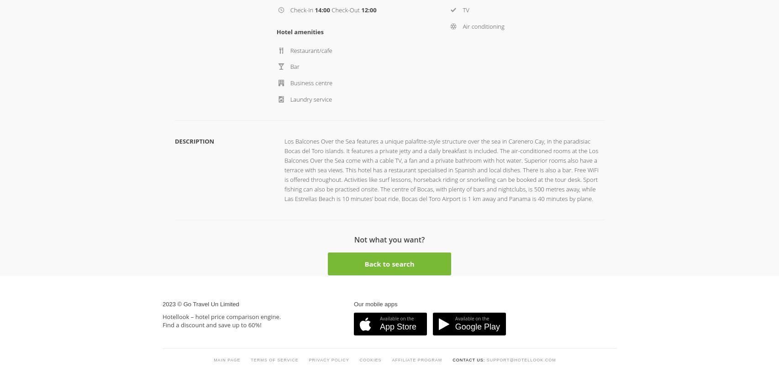  What do you see at coordinates (417, 173) in the screenshot?
I see `'Affiliate program'` at bounding box center [417, 173].